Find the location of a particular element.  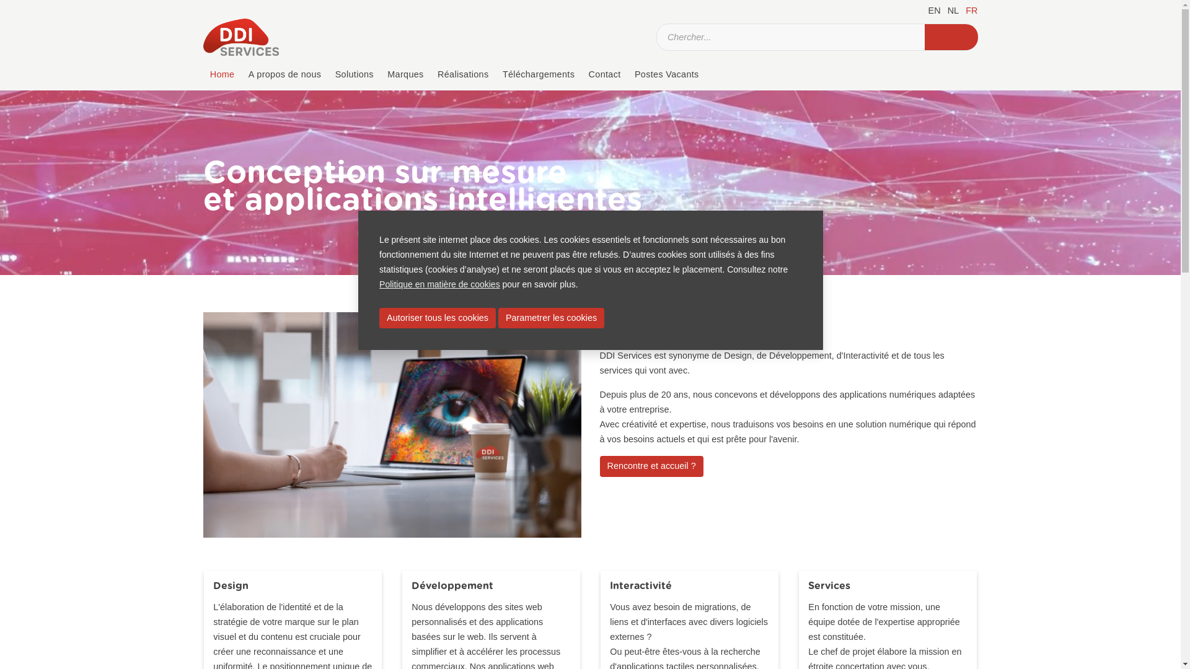

'Marques' is located at coordinates (405, 74).